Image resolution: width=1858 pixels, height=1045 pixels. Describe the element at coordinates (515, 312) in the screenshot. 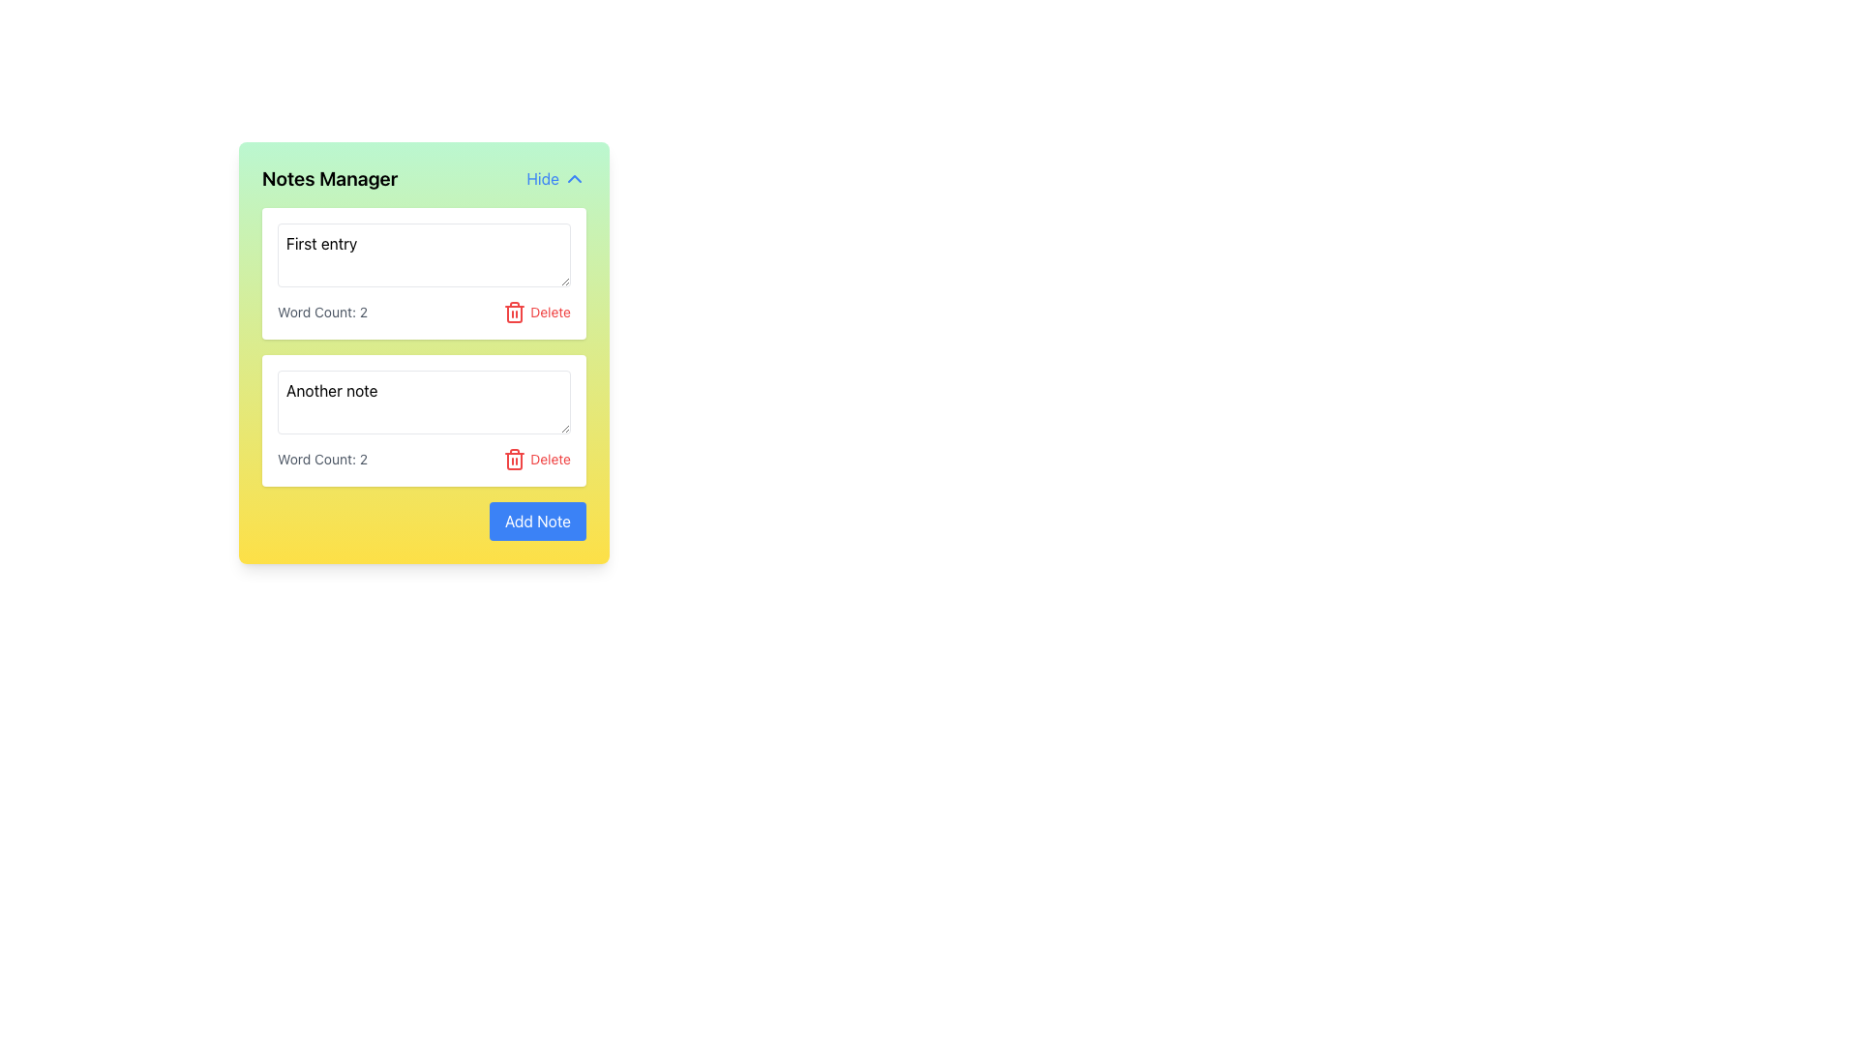

I see `the red trash can icon, which symbolizes a delete action, positioned to the right of the text fields labeled 'First entry' and 'Another note'` at that location.